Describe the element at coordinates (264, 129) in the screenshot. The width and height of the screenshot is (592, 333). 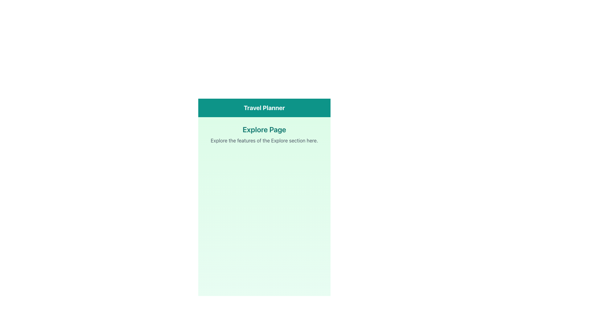
I see `styling of the header text 'Explore Page', which is prominently displayed in a large teal font against a light green background` at that location.